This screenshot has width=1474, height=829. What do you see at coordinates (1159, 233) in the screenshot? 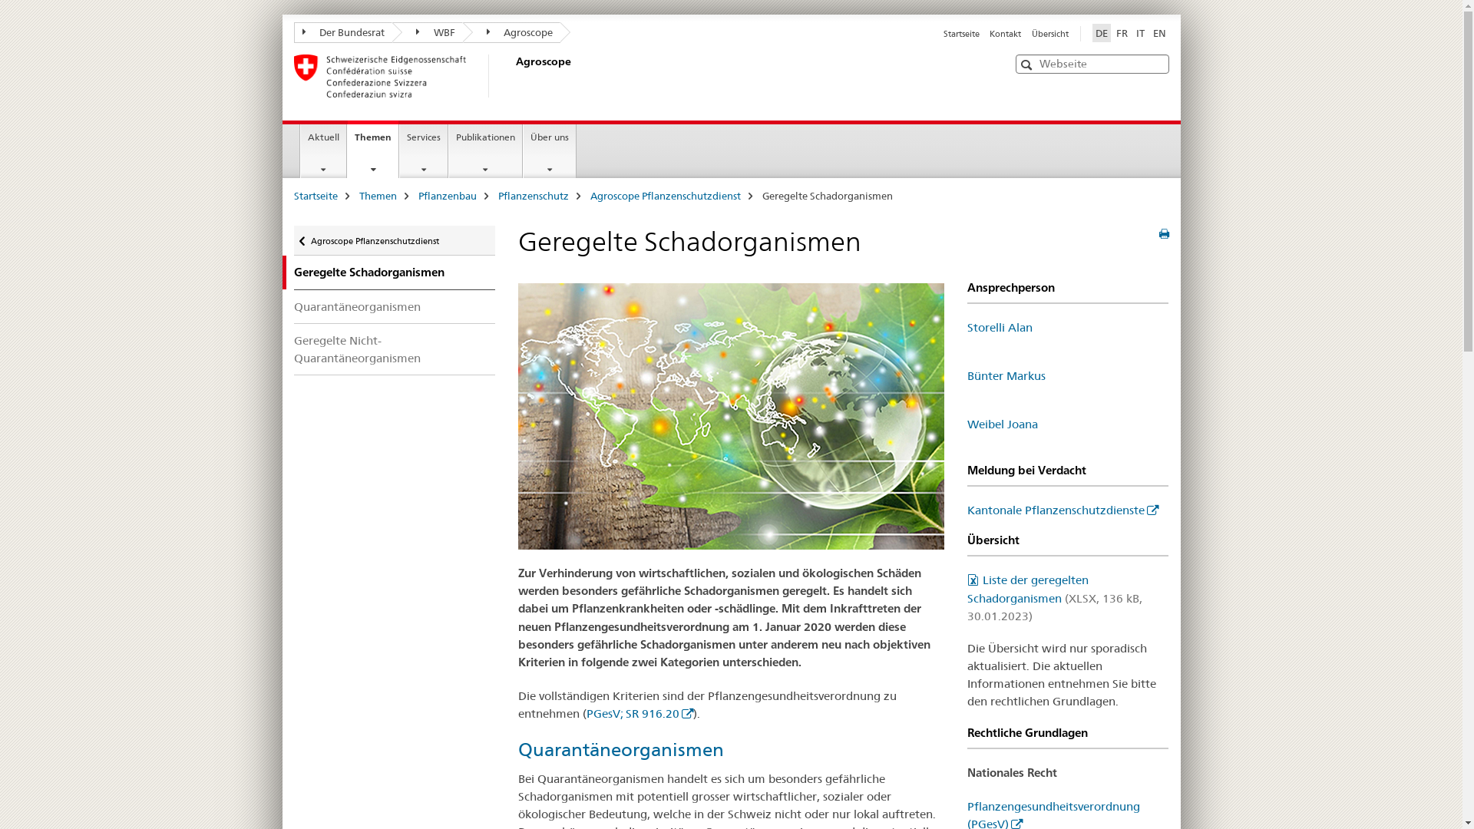
I see `'Seite drucken'` at bounding box center [1159, 233].